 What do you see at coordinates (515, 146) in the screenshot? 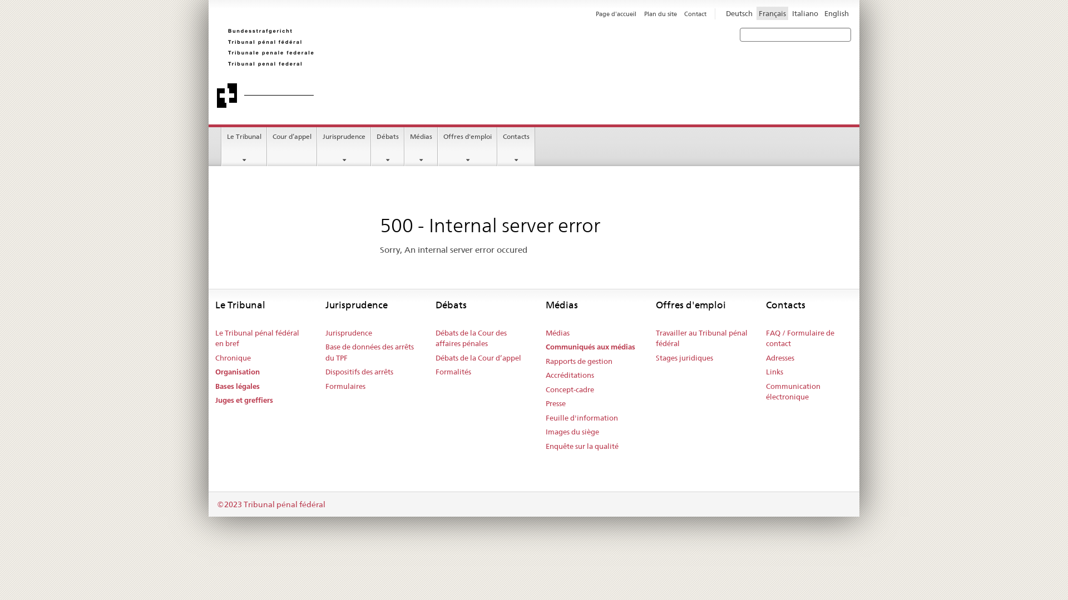
I see `'Contacts'` at bounding box center [515, 146].